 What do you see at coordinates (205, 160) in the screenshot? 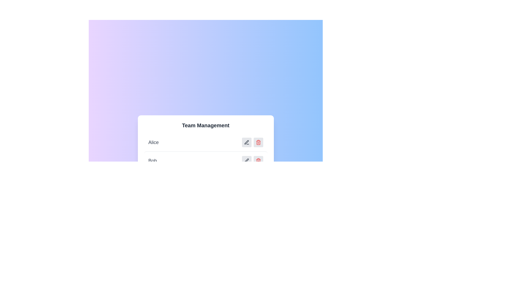
I see `the team member Bob from the list` at bounding box center [205, 160].